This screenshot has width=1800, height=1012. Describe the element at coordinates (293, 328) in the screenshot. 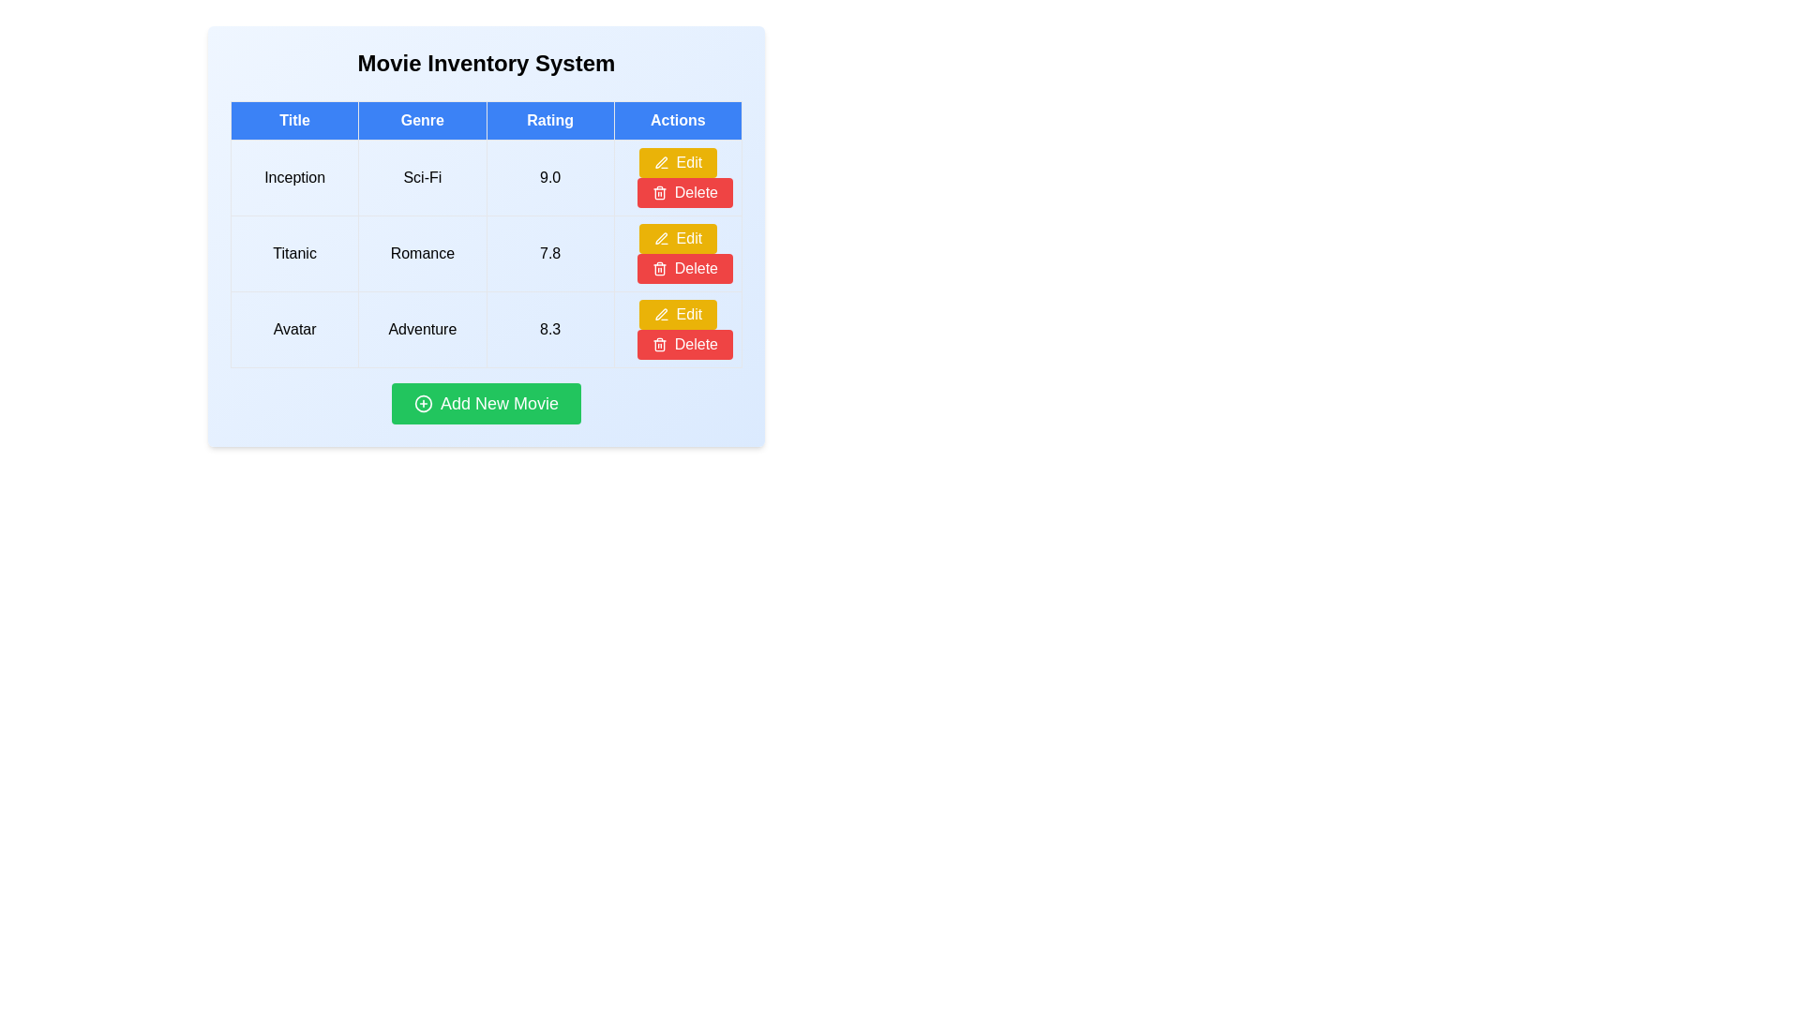

I see `the text field labeled 'Avatar', which is centered in its bounding box and located in the first column of the third row under the 'Title' header` at that location.